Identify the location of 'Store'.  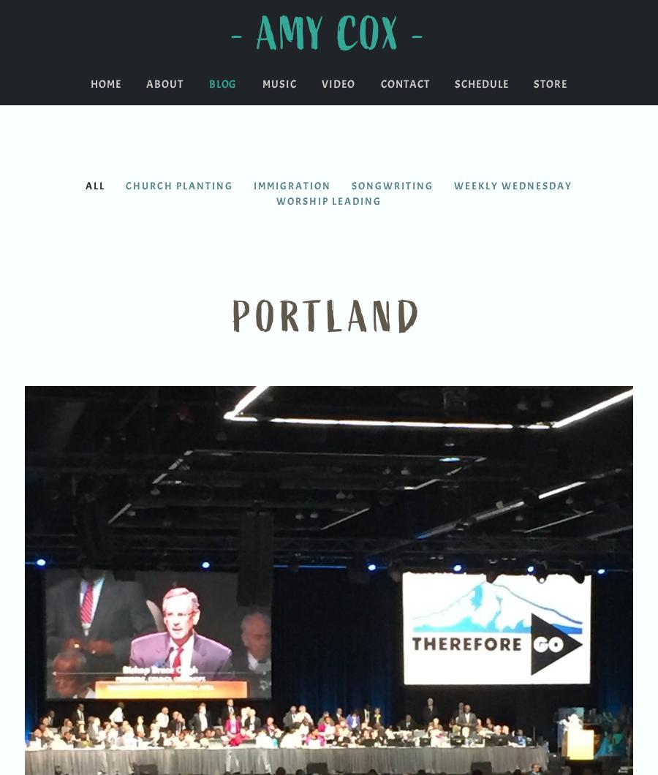
(550, 84).